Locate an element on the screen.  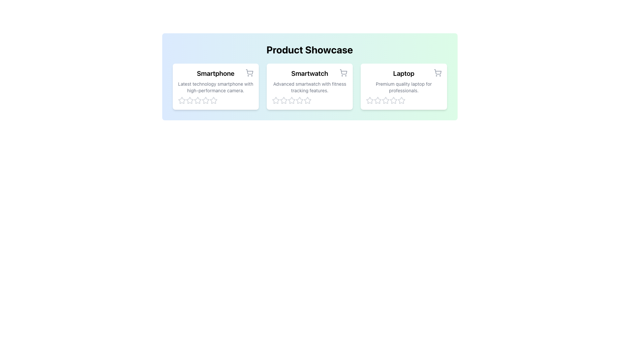
the fifth star button in the rating system under the 'Laptop' item in the third product card is located at coordinates (401, 100).